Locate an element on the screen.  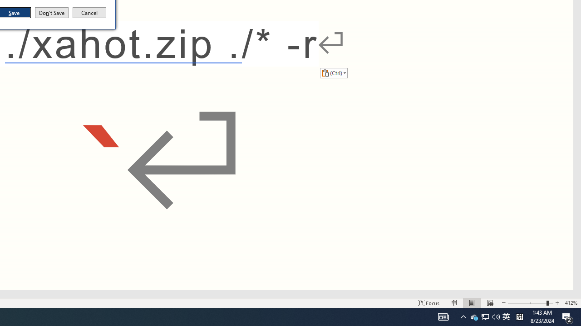
'Cancel' is located at coordinates (89, 13).